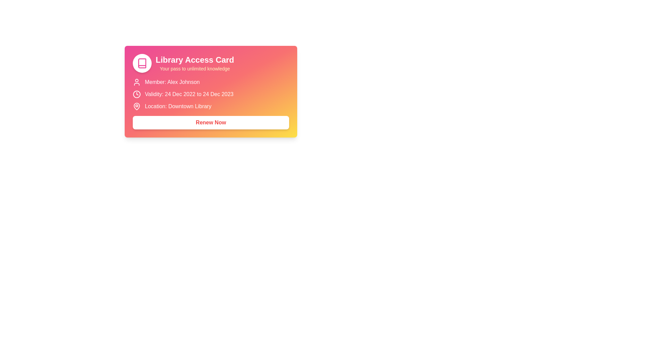  What do you see at coordinates (178, 106) in the screenshot?
I see `the static text label displaying 'Location: Downtown Library' which is centrally aligned in the lower area of the card layout, positioned below the 'Validity' section and above the 'Renew Now' button` at bounding box center [178, 106].